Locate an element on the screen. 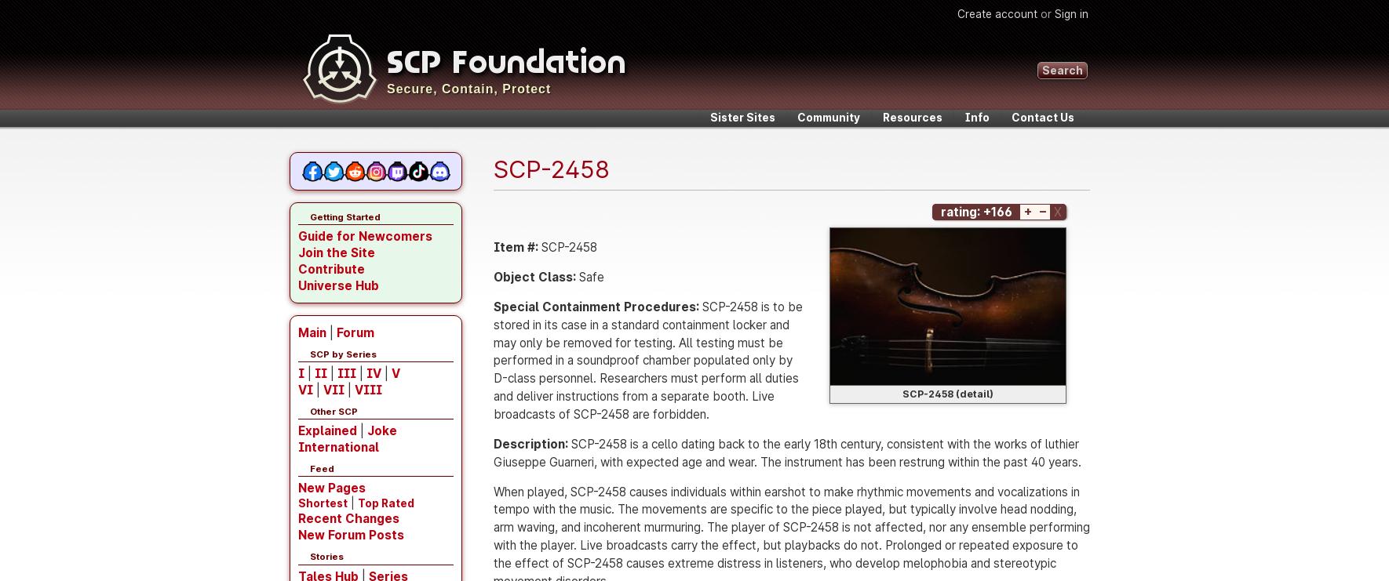 The image size is (1389, 581). 'Recent Changes' is located at coordinates (348, 518).